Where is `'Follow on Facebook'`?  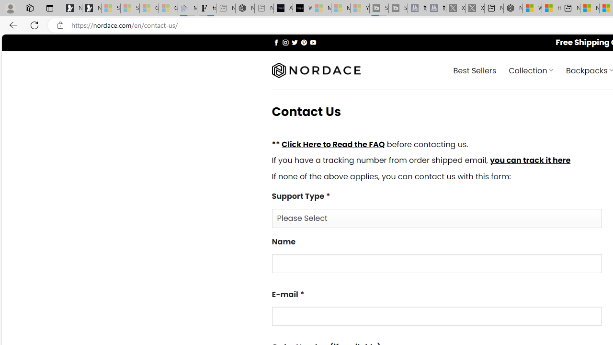 'Follow on Facebook' is located at coordinates (276, 42).